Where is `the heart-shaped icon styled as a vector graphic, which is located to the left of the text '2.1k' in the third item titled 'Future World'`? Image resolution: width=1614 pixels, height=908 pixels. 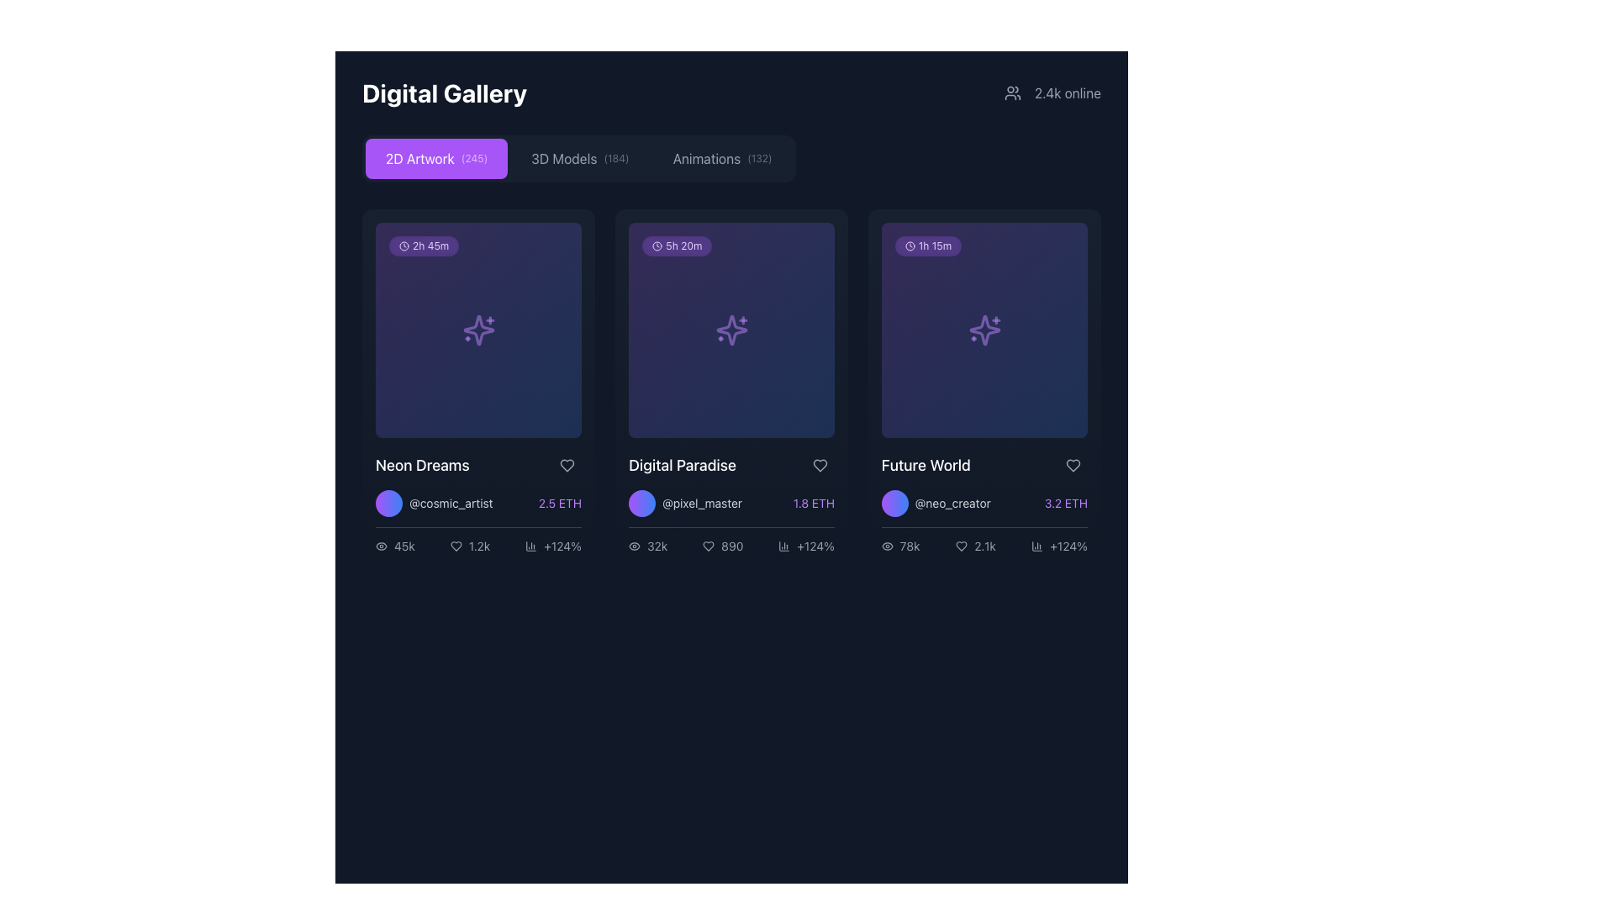
the heart-shaped icon styled as a vector graphic, which is located to the left of the text '2.1k' in the third item titled 'Future World' is located at coordinates (962, 546).